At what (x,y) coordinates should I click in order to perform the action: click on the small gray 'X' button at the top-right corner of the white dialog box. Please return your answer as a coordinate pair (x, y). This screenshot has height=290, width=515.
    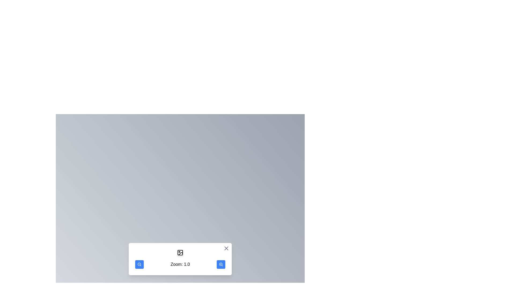
    Looking at the image, I should click on (226, 248).